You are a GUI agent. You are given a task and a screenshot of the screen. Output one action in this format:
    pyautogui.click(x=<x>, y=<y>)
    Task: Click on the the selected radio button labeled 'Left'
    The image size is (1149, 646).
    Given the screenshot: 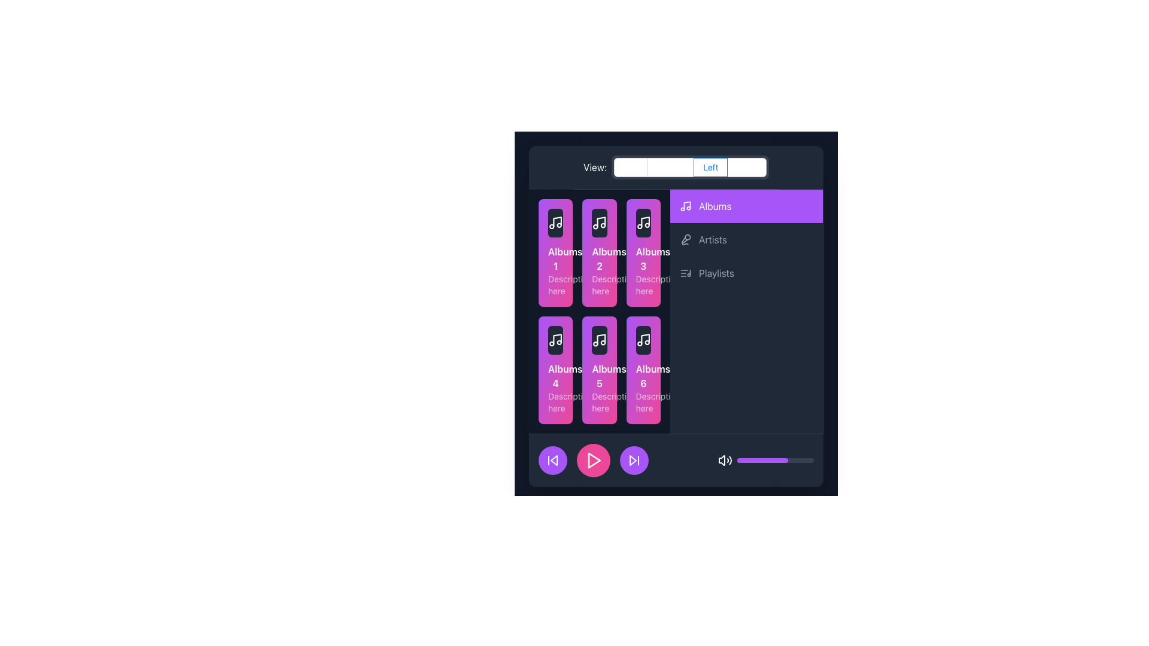 What is the action you would take?
    pyautogui.click(x=711, y=167)
    